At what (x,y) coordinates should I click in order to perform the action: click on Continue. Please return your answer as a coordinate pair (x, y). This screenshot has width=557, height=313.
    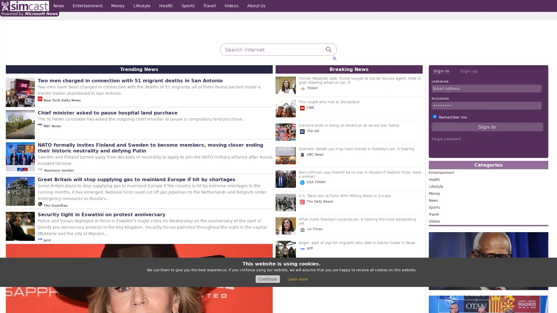
    Looking at the image, I should click on (267, 279).